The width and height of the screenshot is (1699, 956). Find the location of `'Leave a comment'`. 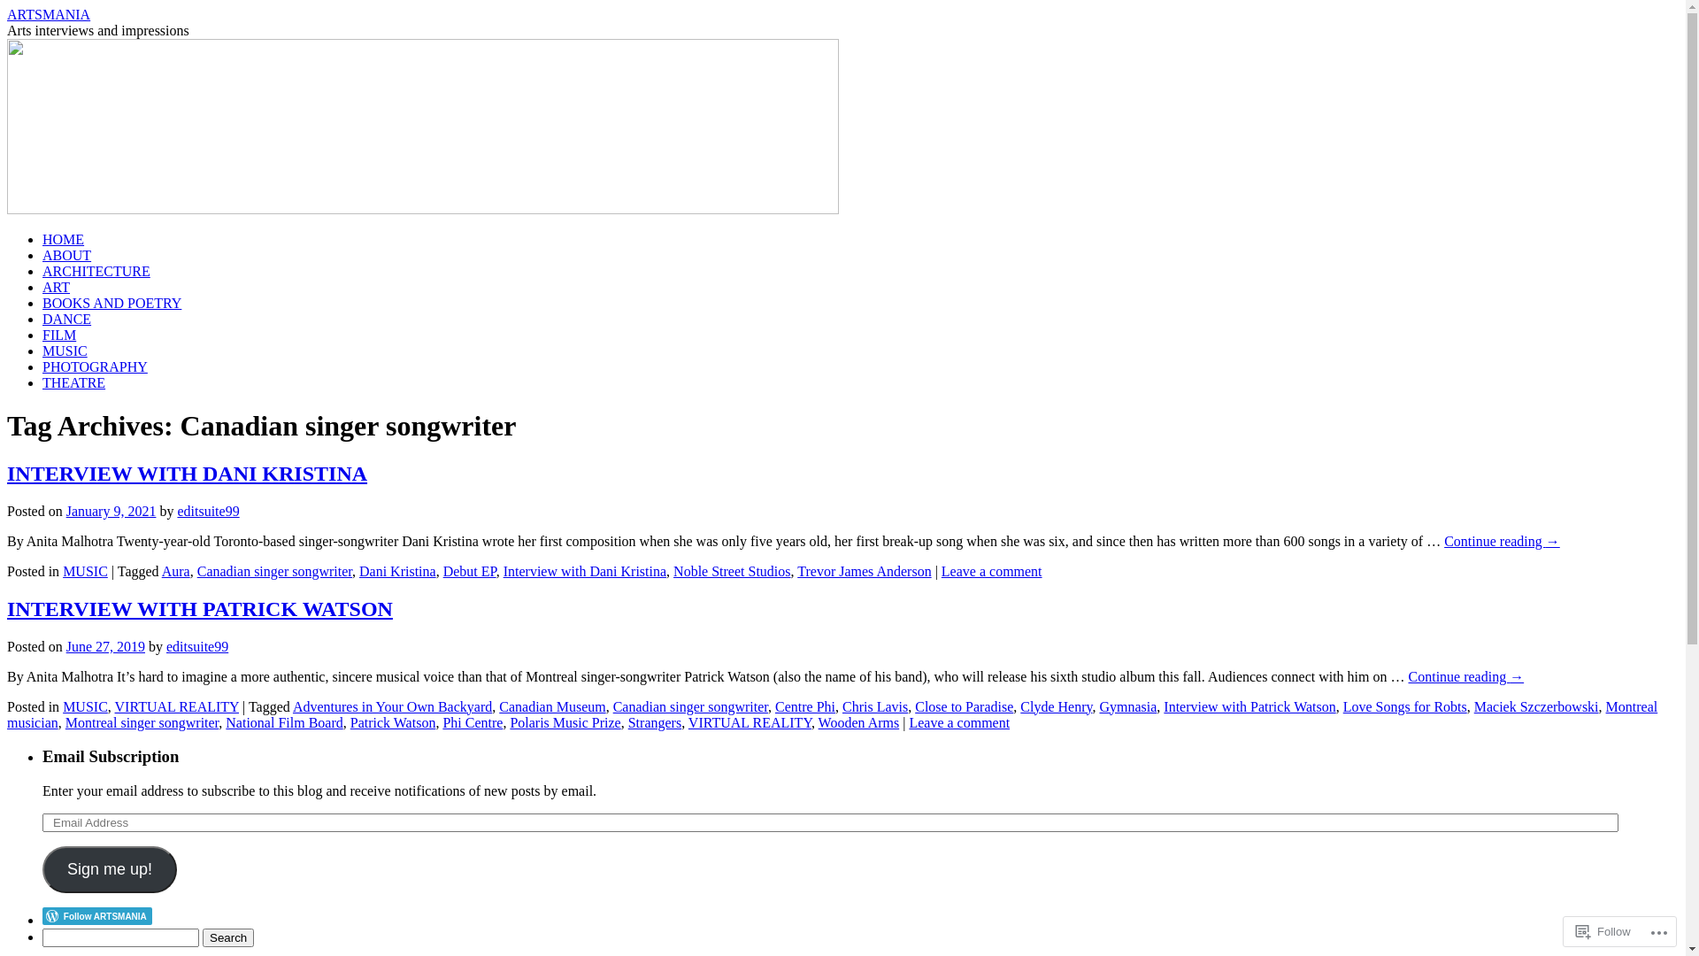

'Leave a comment' is located at coordinates (958, 722).